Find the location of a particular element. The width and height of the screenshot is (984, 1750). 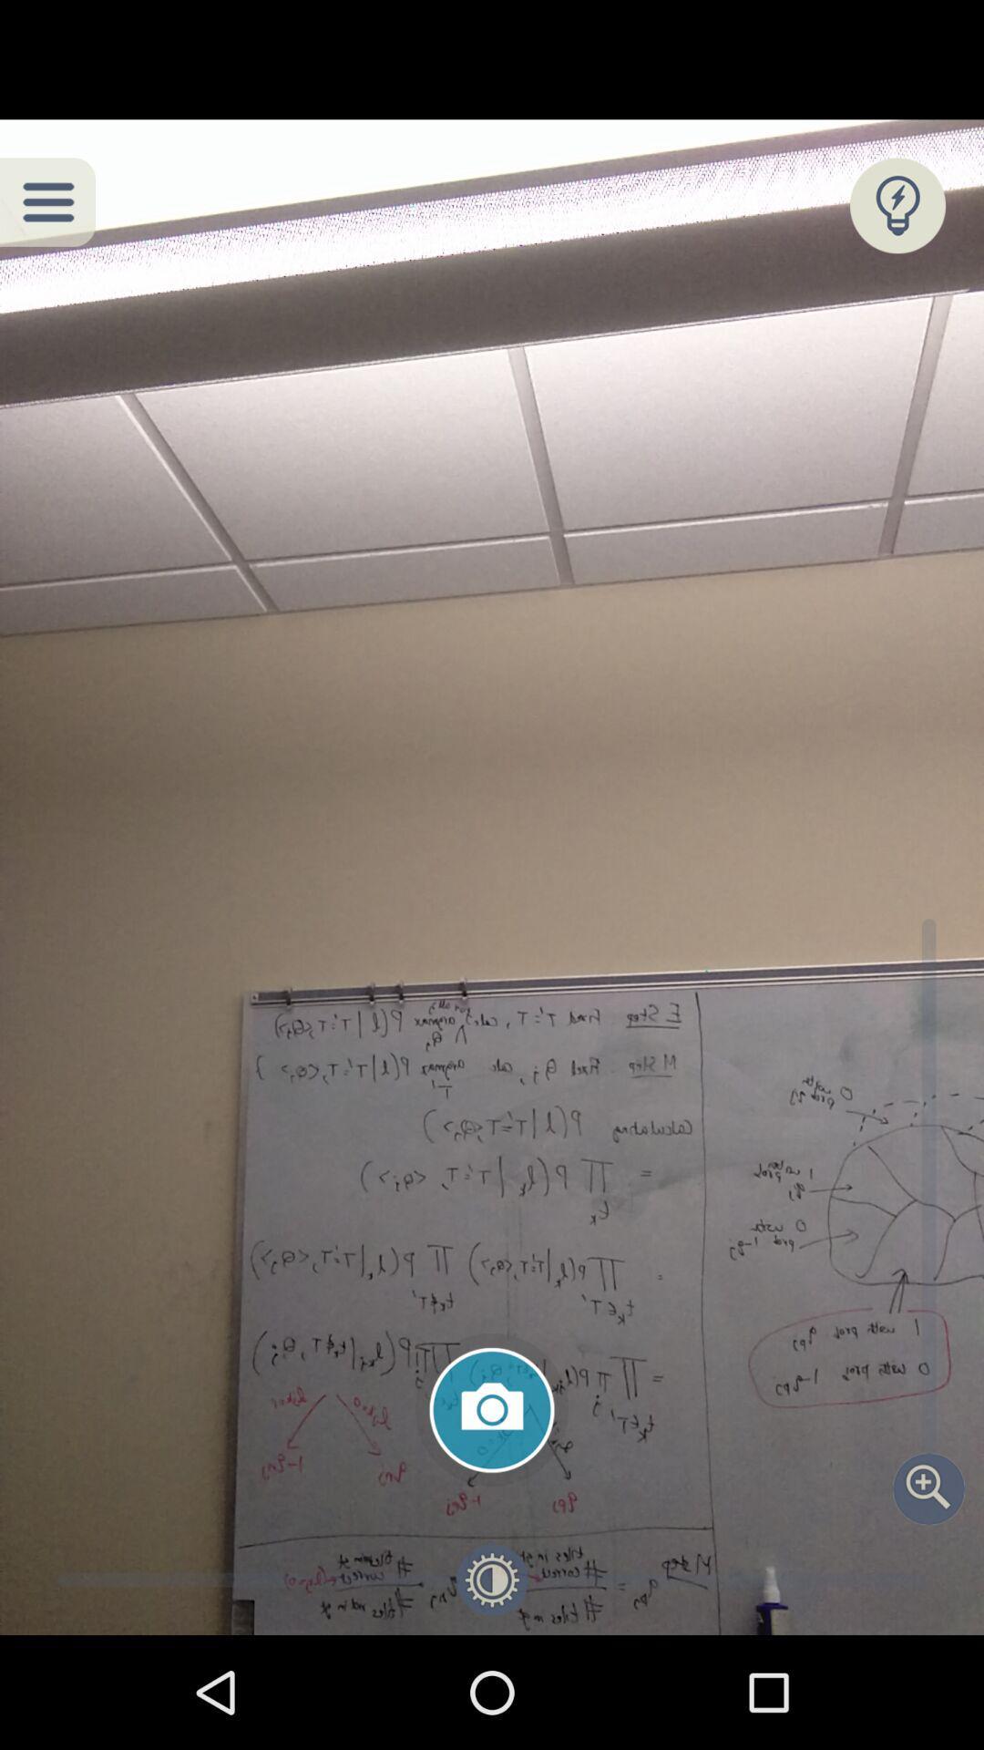

take a photo is located at coordinates (492, 1409).